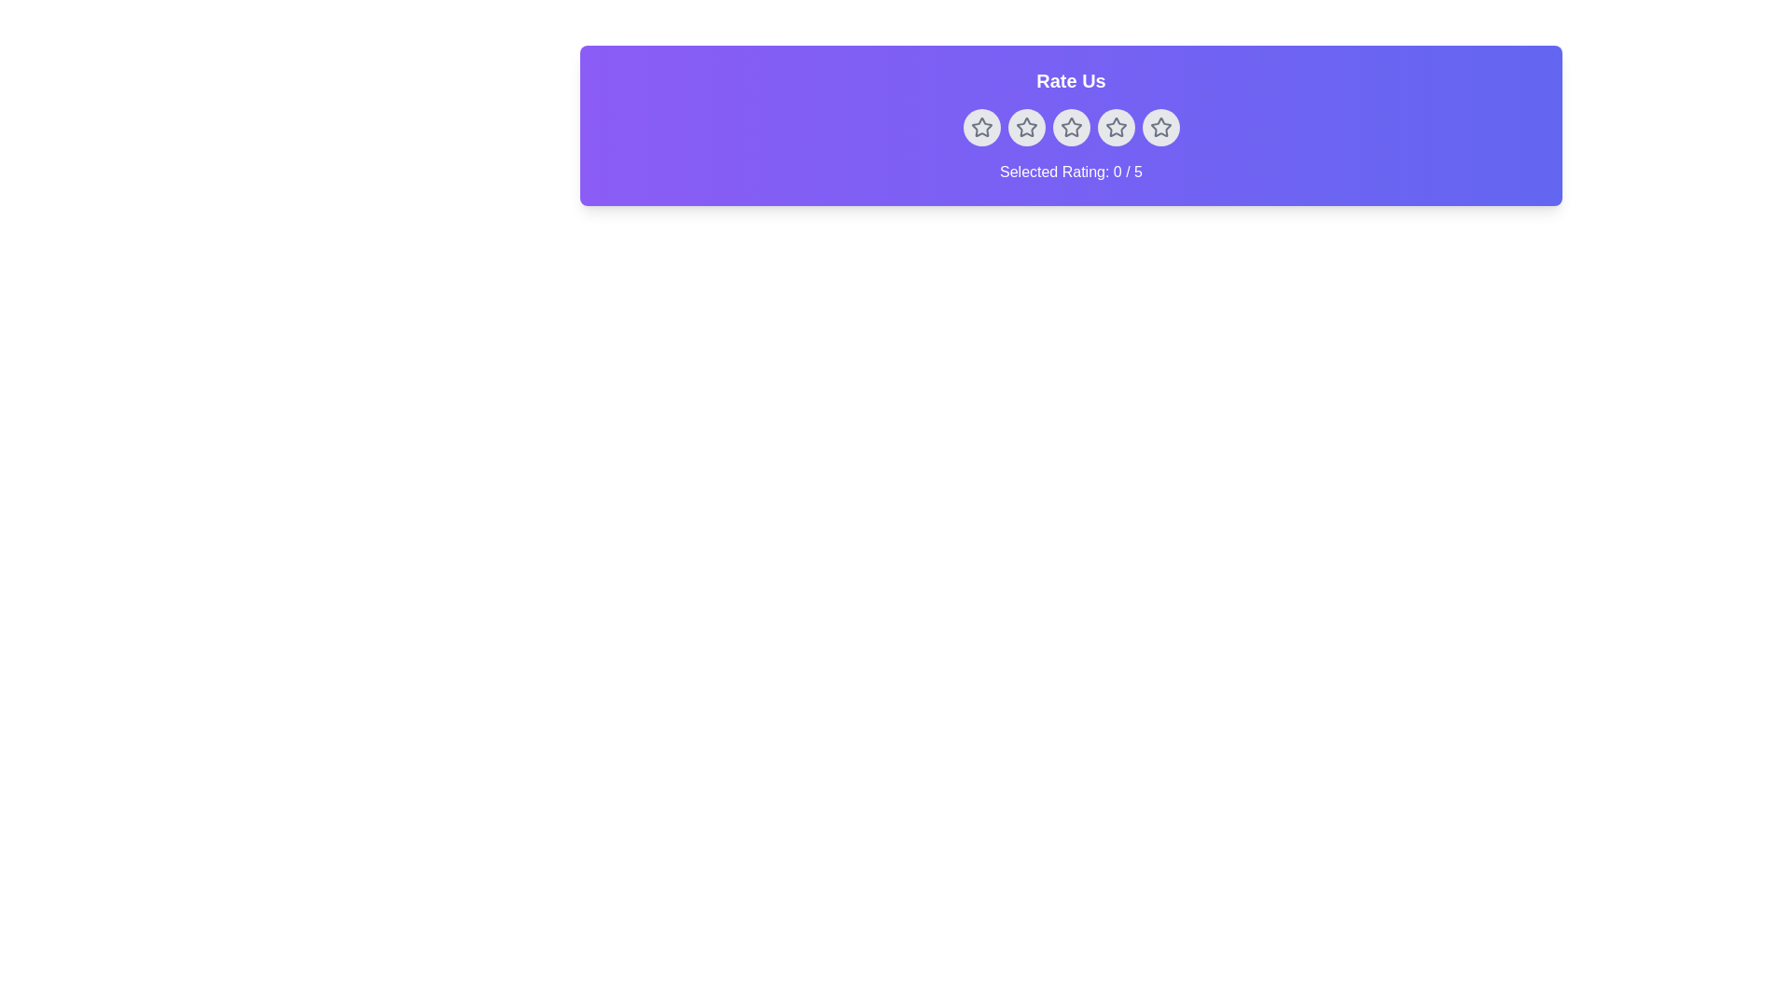 The image size is (1791, 1007). What do you see at coordinates (980, 127) in the screenshot?
I see `the rating to 1 stars by clicking on the corresponding star` at bounding box center [980, 127].